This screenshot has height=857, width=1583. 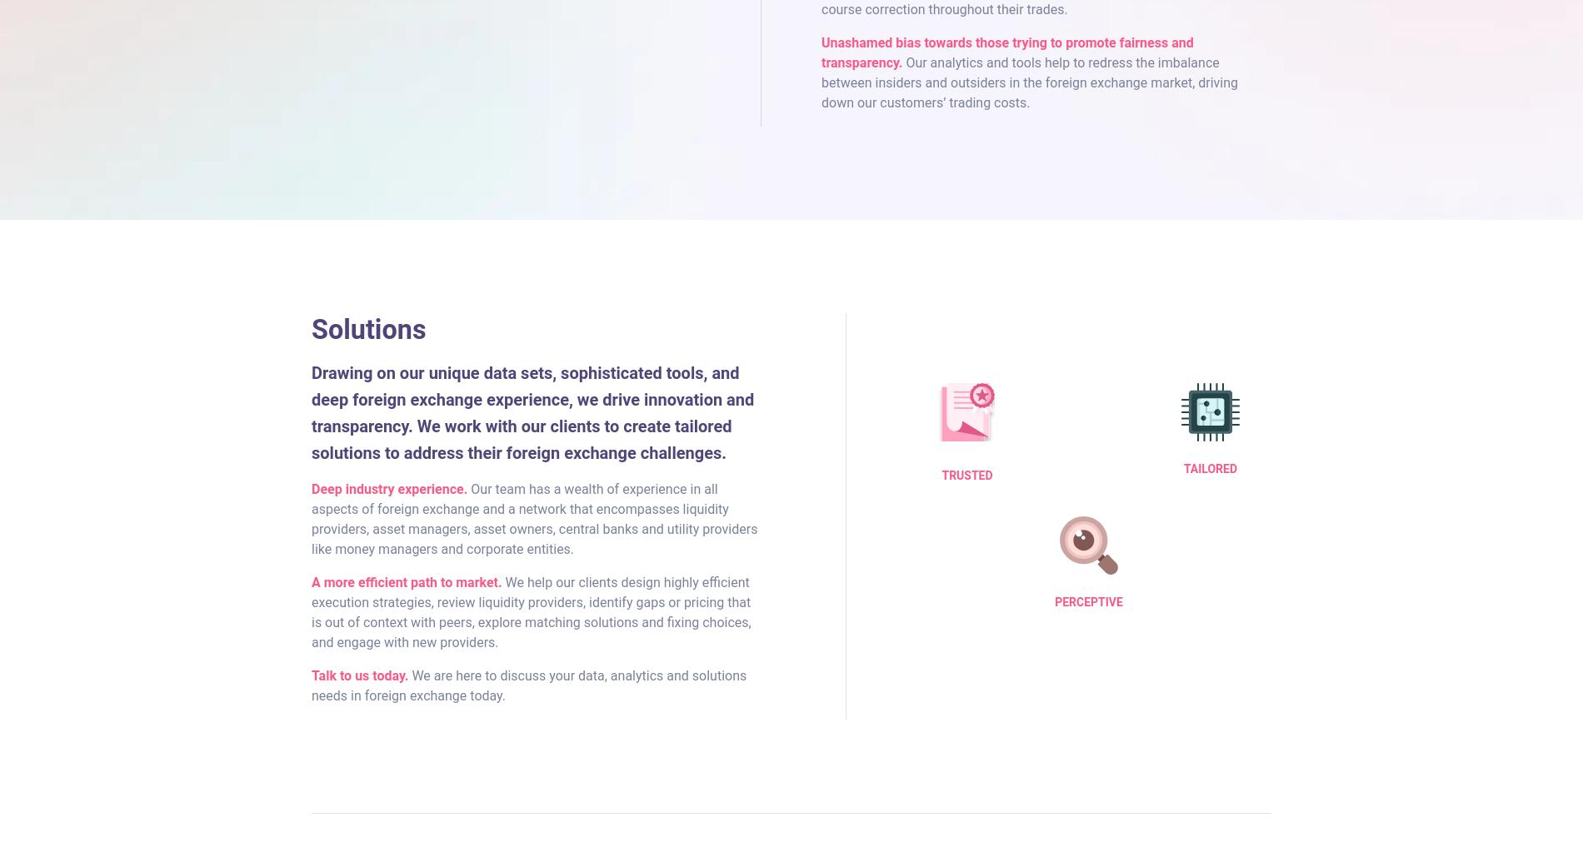 What do you see at coordinates (406, 580) in the screenshot?
I see `'A more efficient path to market.'` at bounding box center [406, 580].